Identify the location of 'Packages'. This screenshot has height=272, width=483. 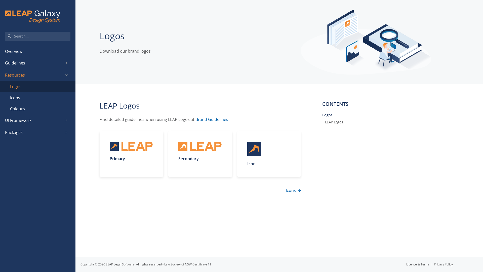
(33, 132).